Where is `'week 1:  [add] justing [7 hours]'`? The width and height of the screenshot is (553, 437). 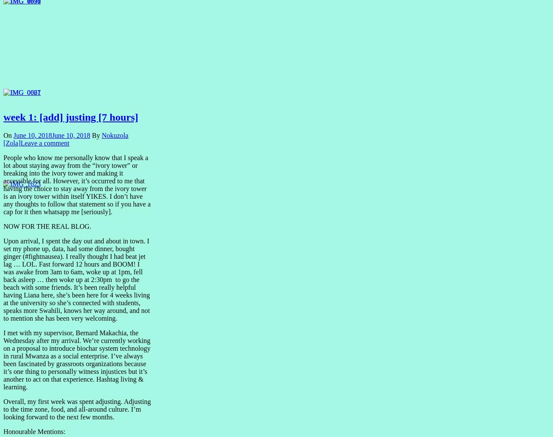
'week 1:  [add] justing [7 hours]' is located at coordinates (3, 117).